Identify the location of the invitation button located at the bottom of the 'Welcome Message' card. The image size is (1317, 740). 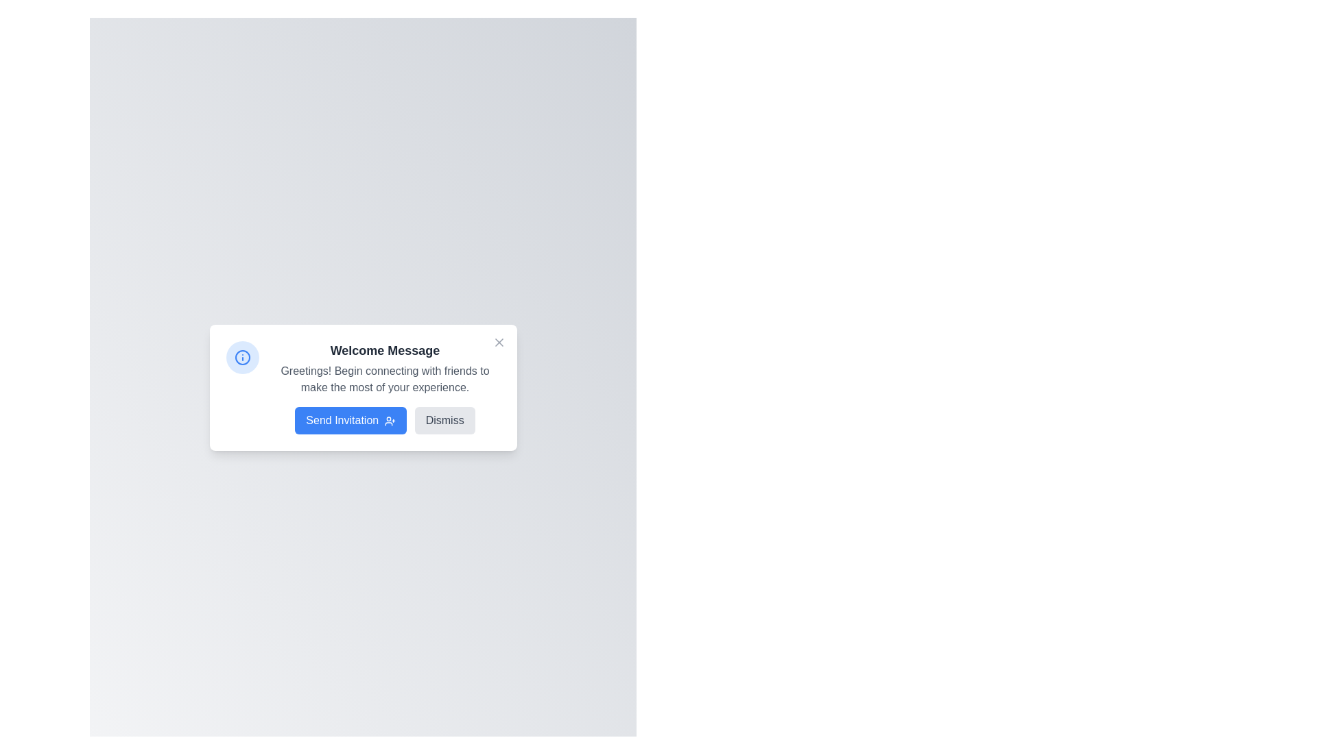
(351, 419).